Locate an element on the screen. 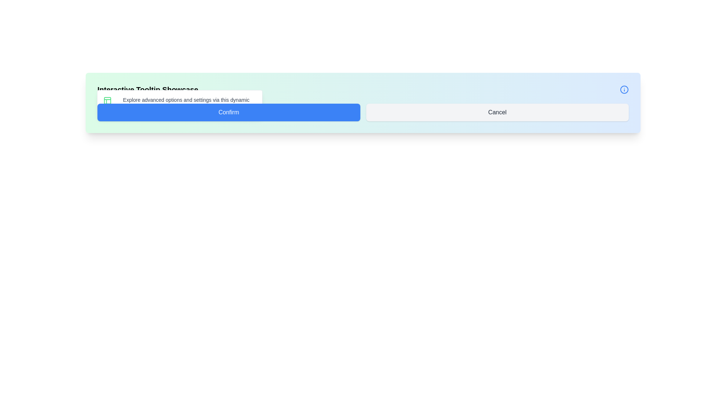 This screenshot has width=706, height=397. the text element that reads 'Explore advanced options and settings via this dynamic feature.' which is styled as a paragraph of regular gray text, located next to an icon, above a blue button labeled 'Confirm.' is located at coordinates (180, 103).